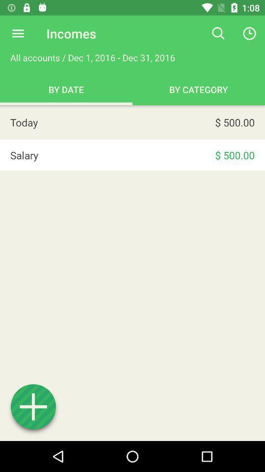  I want to click on icon to the left of the incomes item, so click(18, 33).